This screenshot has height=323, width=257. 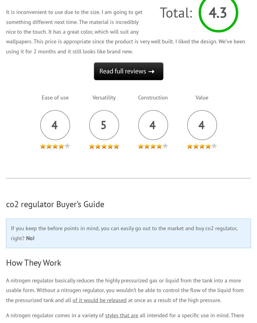 I want to click on 'A nitrogen regulator comes in a variety of', so click(x=5, y=315).